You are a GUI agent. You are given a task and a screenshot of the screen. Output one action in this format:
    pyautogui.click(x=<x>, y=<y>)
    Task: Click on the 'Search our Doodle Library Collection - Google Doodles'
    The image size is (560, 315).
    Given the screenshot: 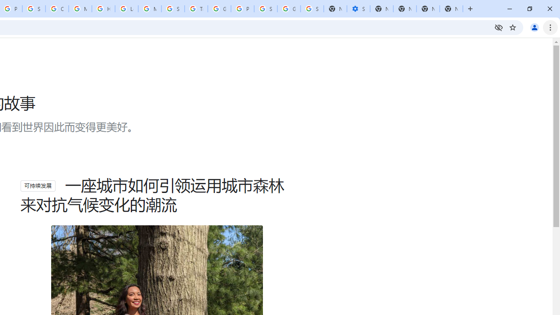 What is the action you would take?
    pyautogui.click(x=173, y=9)
    